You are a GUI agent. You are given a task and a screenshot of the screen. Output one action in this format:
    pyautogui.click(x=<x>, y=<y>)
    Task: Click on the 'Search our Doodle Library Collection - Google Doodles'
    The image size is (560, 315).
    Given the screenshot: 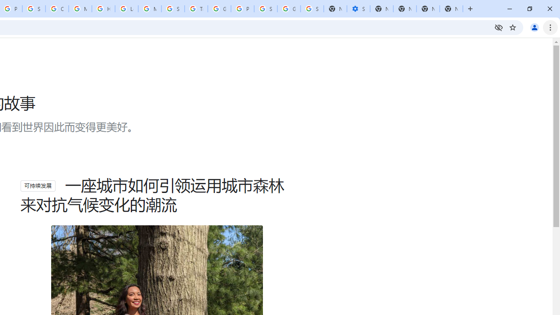 What is the action you would take?
    pyautogui.click(x=173, y=9)
    